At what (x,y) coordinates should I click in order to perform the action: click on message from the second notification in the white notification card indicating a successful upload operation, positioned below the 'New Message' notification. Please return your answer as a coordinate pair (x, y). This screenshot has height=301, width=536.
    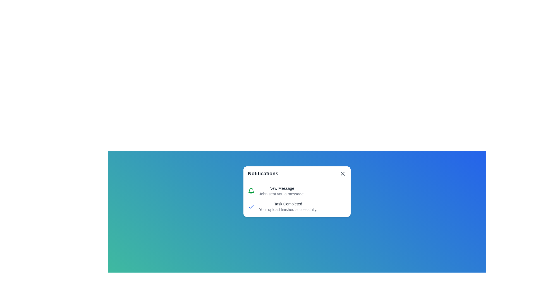
    Looking at the image, I should click on (297, 207).